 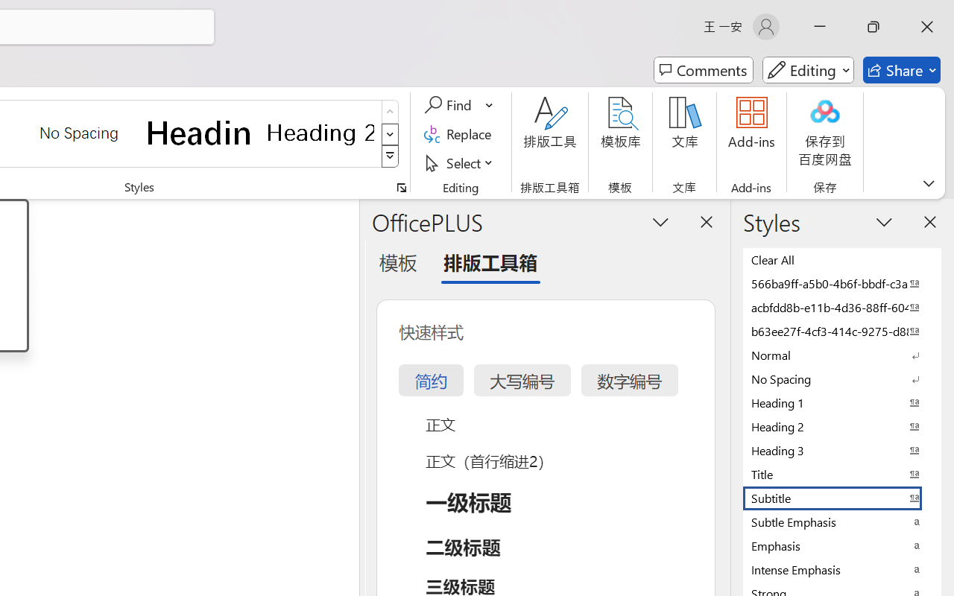 I want to click on 'Ribbon Display Options', so click(x=928, y=183).